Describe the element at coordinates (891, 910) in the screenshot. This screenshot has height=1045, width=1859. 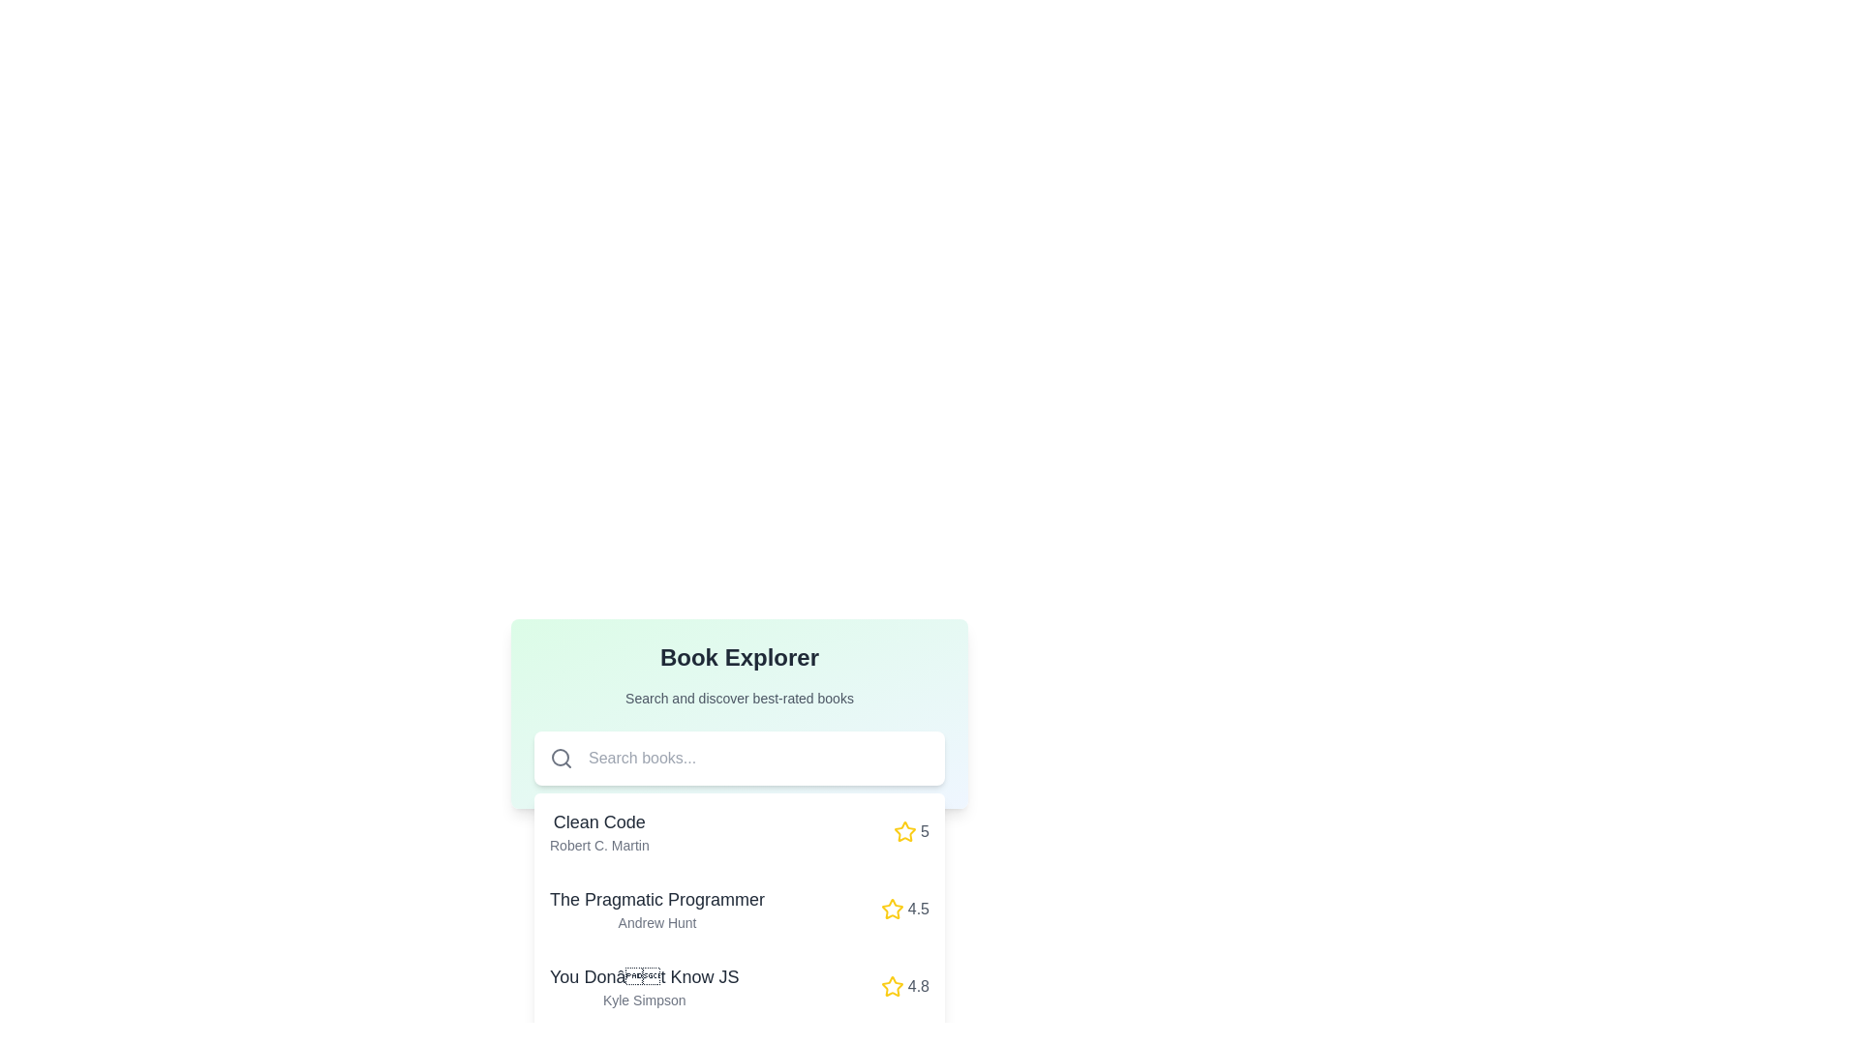
I see `the star icon styled with a yellow fill and subtle outline` at that location.